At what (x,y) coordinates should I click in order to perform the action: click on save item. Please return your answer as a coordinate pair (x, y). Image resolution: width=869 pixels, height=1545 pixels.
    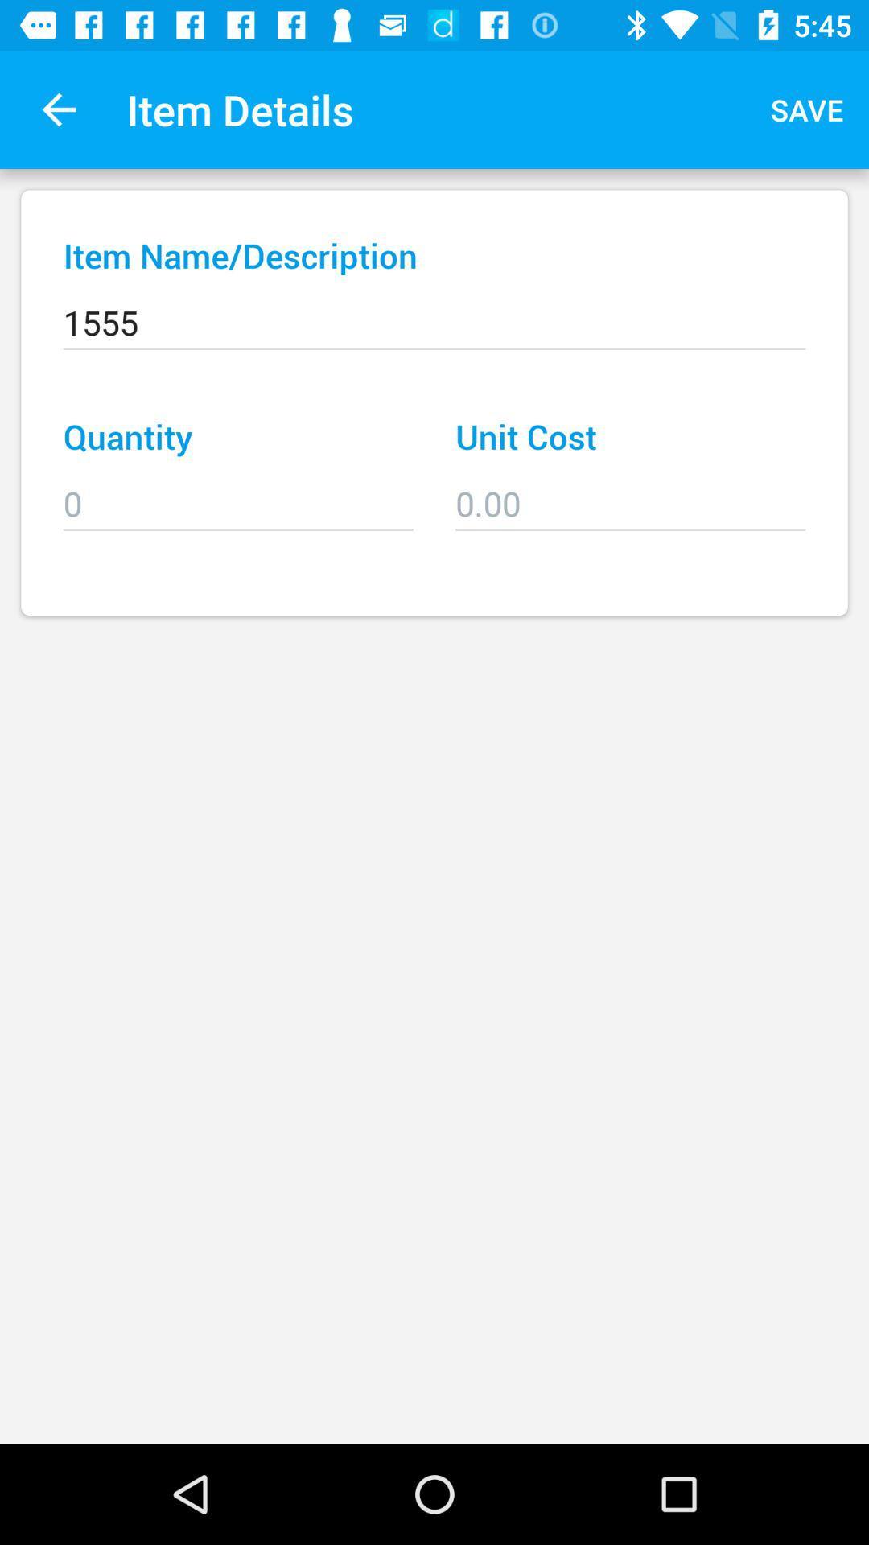
    Looking at the image, I should click on (807, 109).